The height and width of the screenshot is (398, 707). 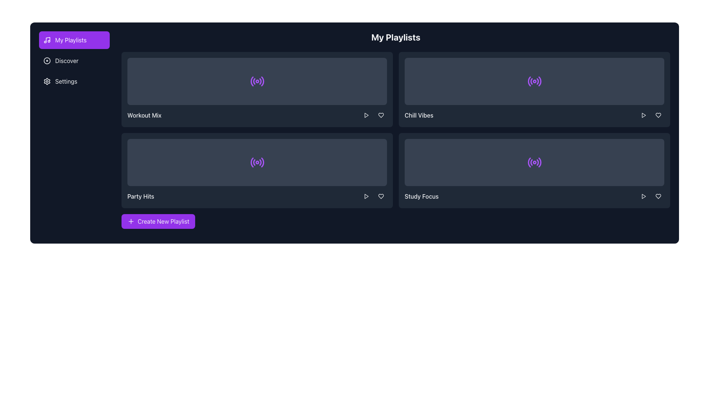 I want to click on the icon located on the far left side of the 'Create New Playlist' button, which serves as a visual indicator for adding new playlists, so click(x=131, y=221).